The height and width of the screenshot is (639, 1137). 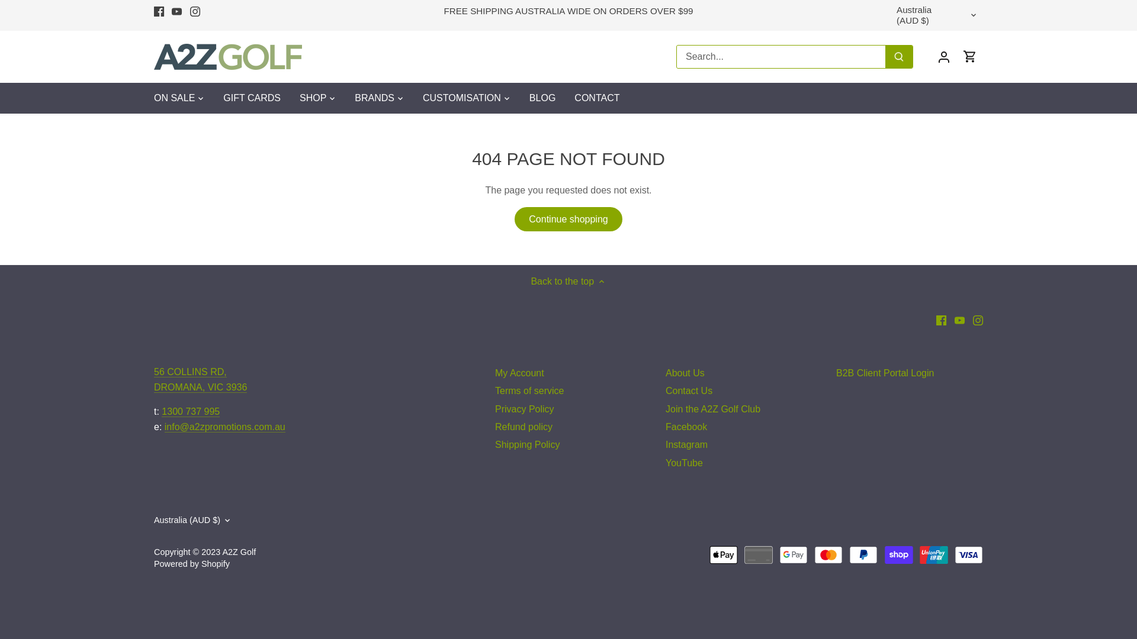 I want to click on 'My Account', so click(x=519, y=373).